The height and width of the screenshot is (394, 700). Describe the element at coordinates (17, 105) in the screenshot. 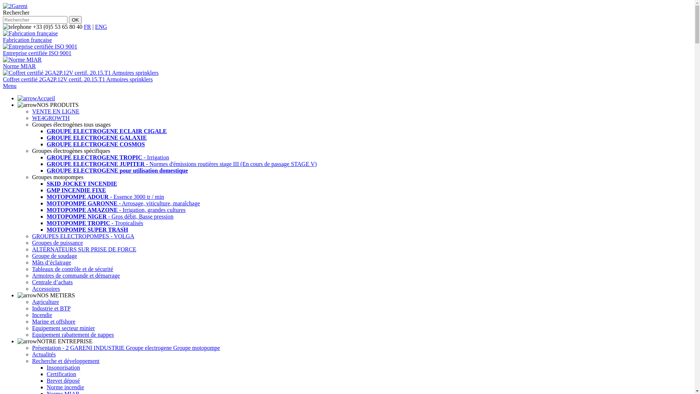

I see `'NOS PRODUITS'` at that location.